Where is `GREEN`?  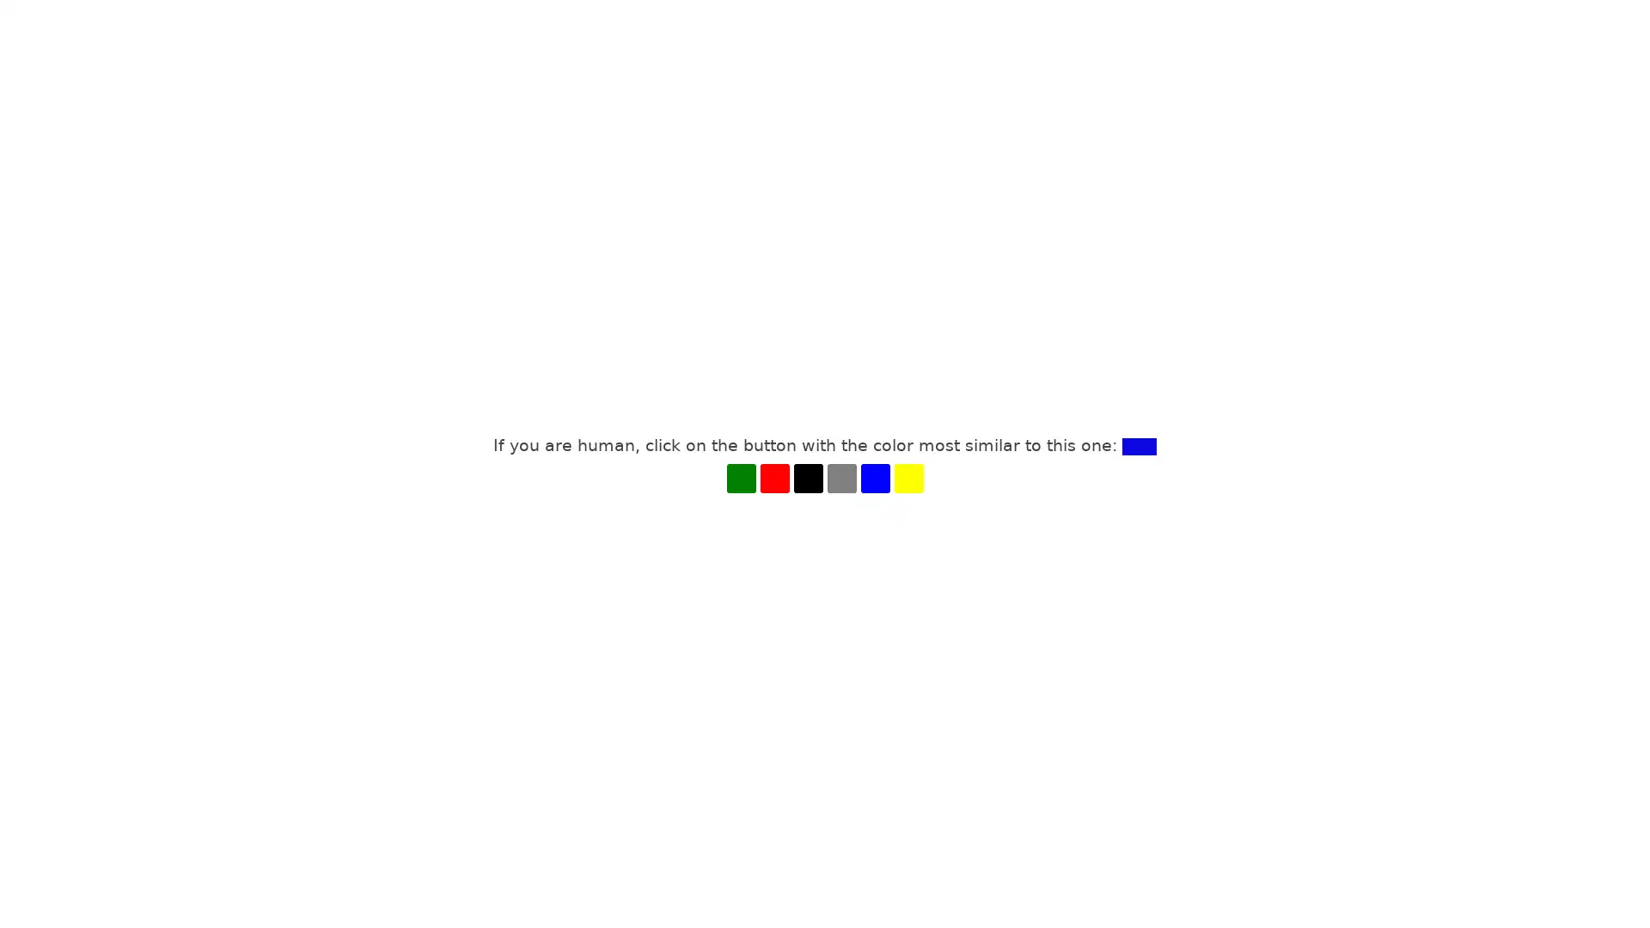 GREEN is located at coordinates (741, 477).